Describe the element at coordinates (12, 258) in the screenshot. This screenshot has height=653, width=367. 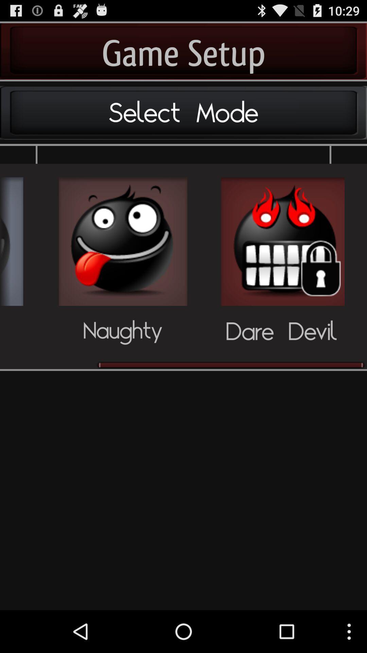
I see `the arrow_forward icon` at that location.